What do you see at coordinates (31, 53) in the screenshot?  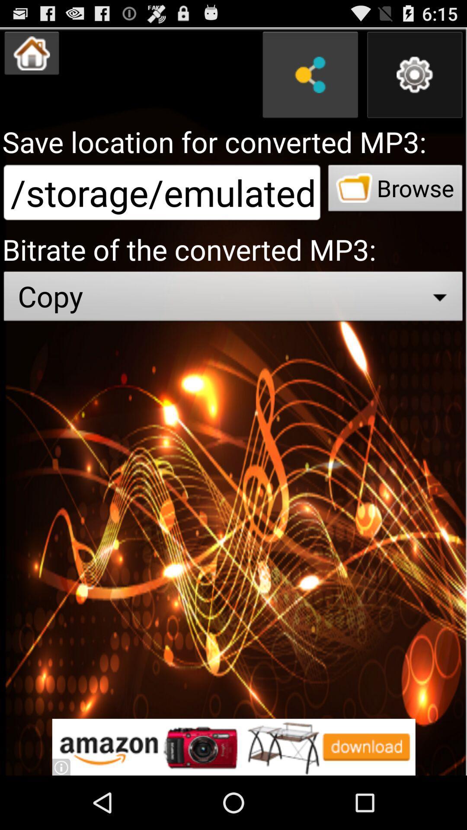 I see `home` at bounding box center [31, 53].